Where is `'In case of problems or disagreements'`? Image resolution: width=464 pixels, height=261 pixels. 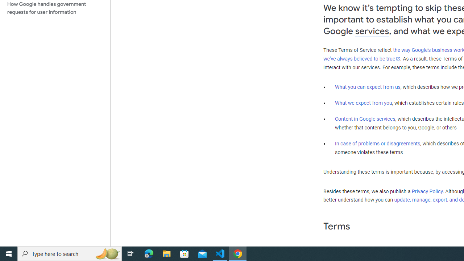
'In case of problems or disagreements' is located at coordinates (377, 144).